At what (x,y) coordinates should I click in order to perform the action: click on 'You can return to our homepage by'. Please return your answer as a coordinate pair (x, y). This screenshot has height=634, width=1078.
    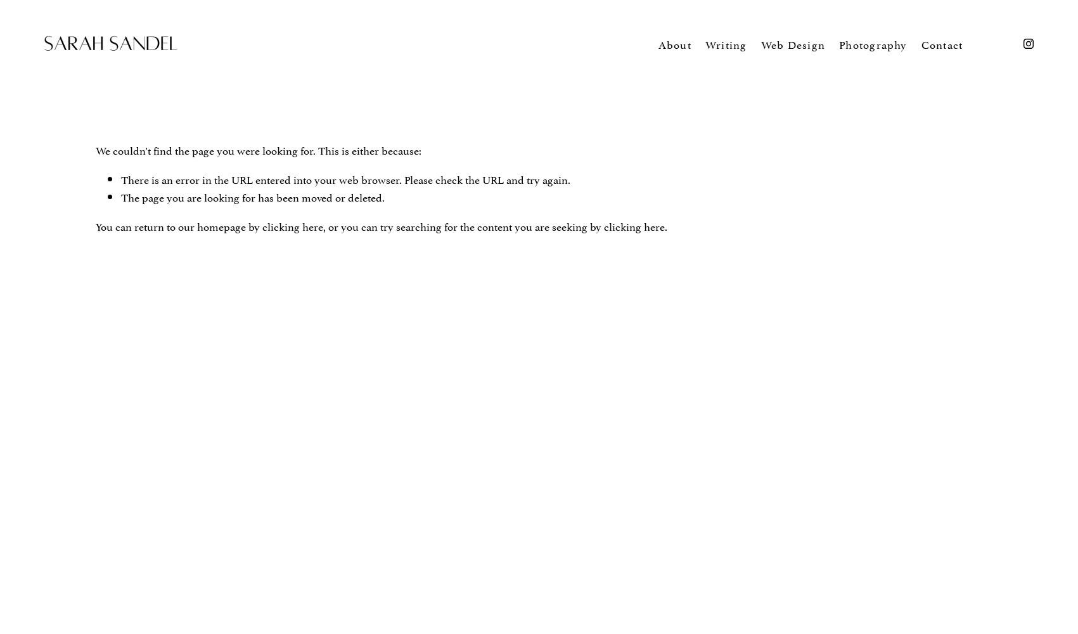
    Looking at the image, I should click on (178, 224).